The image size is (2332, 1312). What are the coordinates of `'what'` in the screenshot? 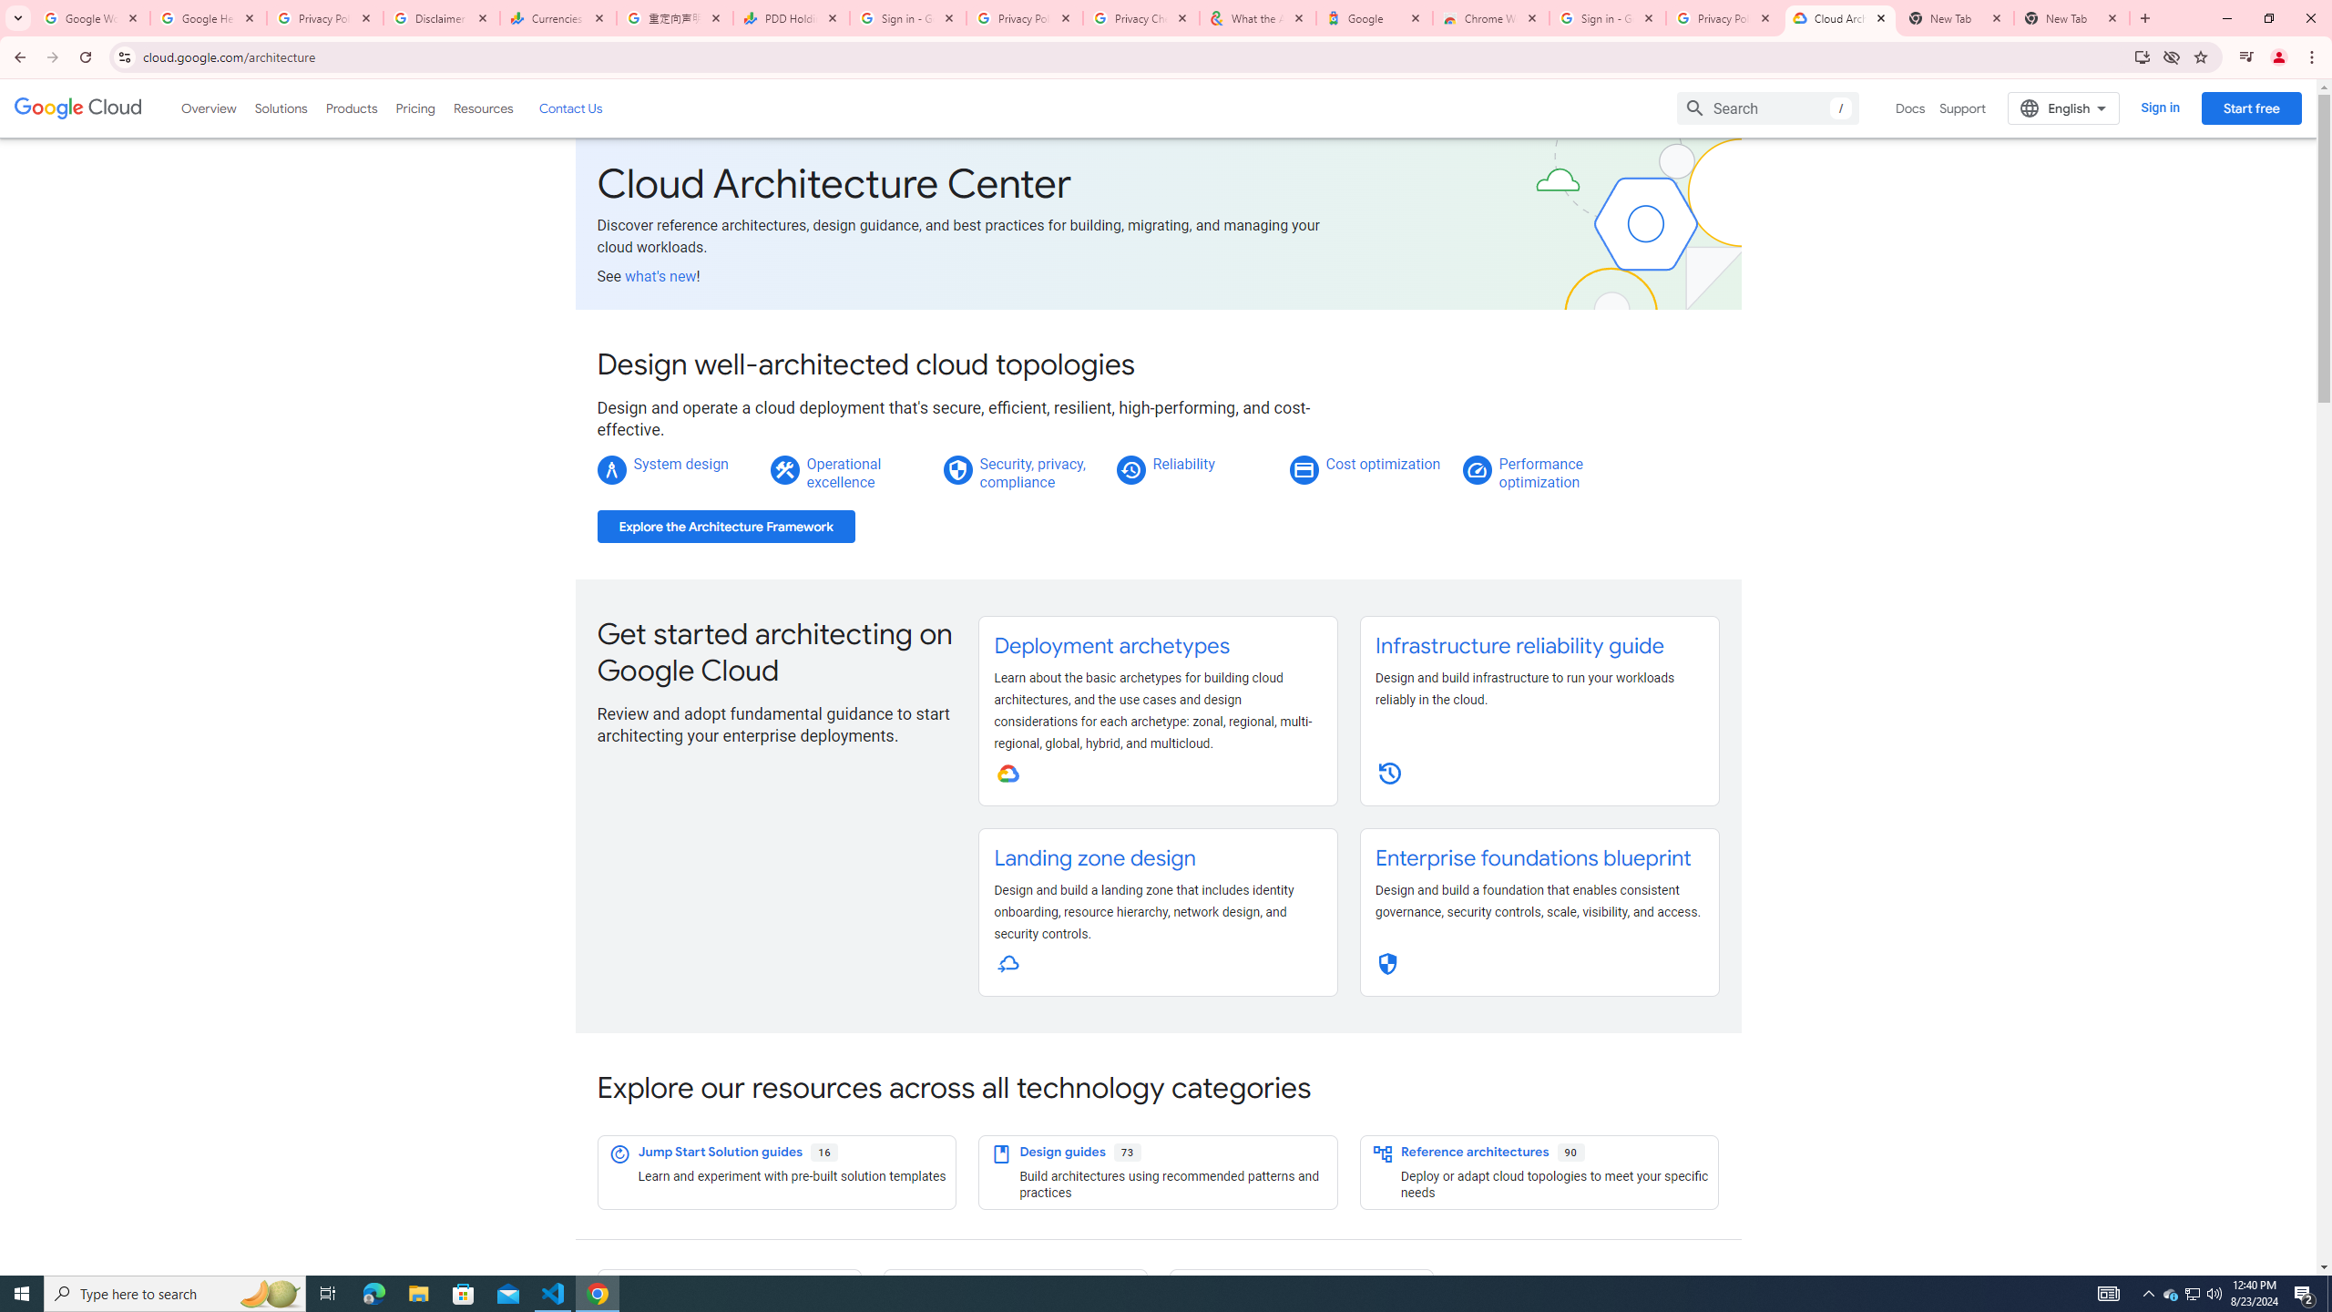 It's located at (660, 275).